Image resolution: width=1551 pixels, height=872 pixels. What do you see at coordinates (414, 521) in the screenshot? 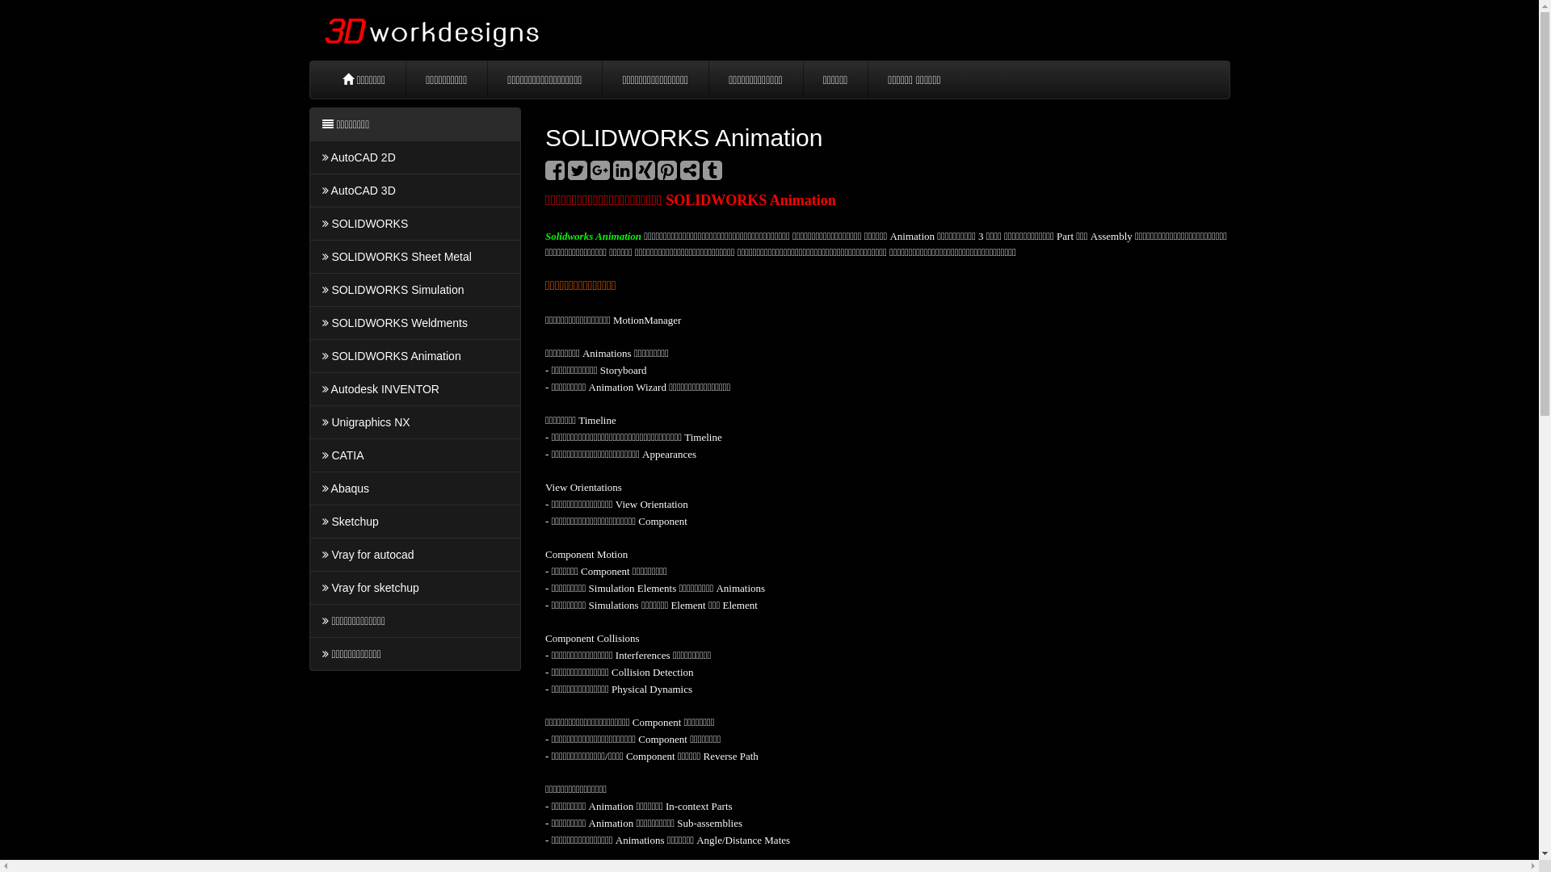
I see `'Sketchup'` at bounding box center [414, 521].